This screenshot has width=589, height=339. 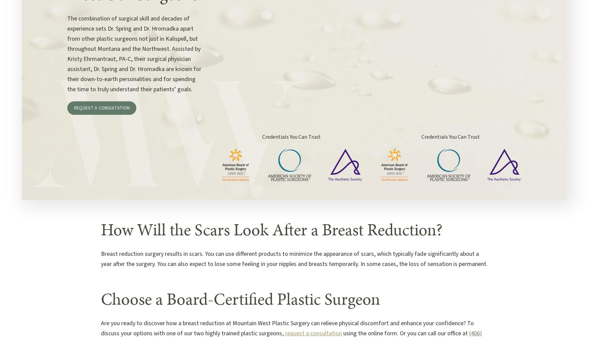 What do you see at coordinates (238, 96) in the screenshot?
I see `'Michael Hromadka, MD'` at bounding box center [238, 96].